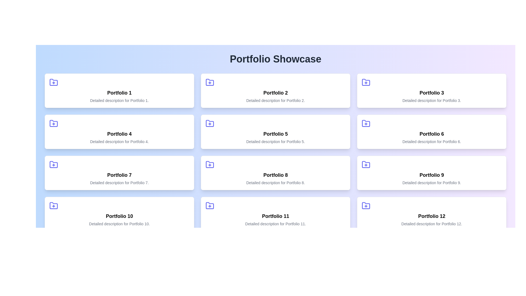  What do you see at coordinates (276, 224) in the screenshot?
I see `supplementary information text located at the bottom of the card for 'Portfolio 11', positioned below the title and icon` at bounding box center [276, 224].